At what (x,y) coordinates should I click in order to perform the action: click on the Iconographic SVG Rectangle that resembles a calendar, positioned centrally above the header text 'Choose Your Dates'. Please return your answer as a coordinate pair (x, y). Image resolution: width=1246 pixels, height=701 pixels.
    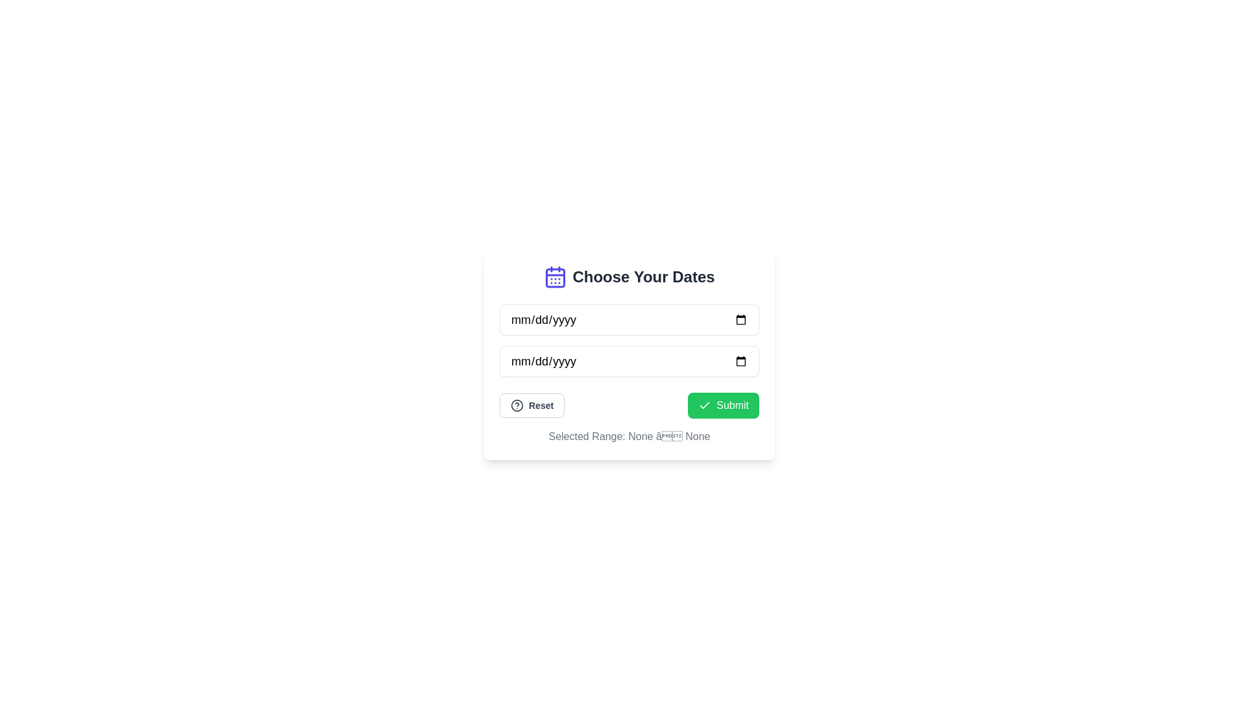
    Looking at the image, I should click on (556, 277).